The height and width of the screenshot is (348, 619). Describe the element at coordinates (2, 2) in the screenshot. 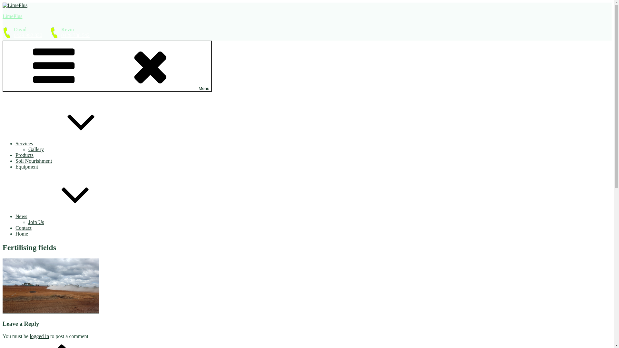

I see `'Skip to content'` at that location.